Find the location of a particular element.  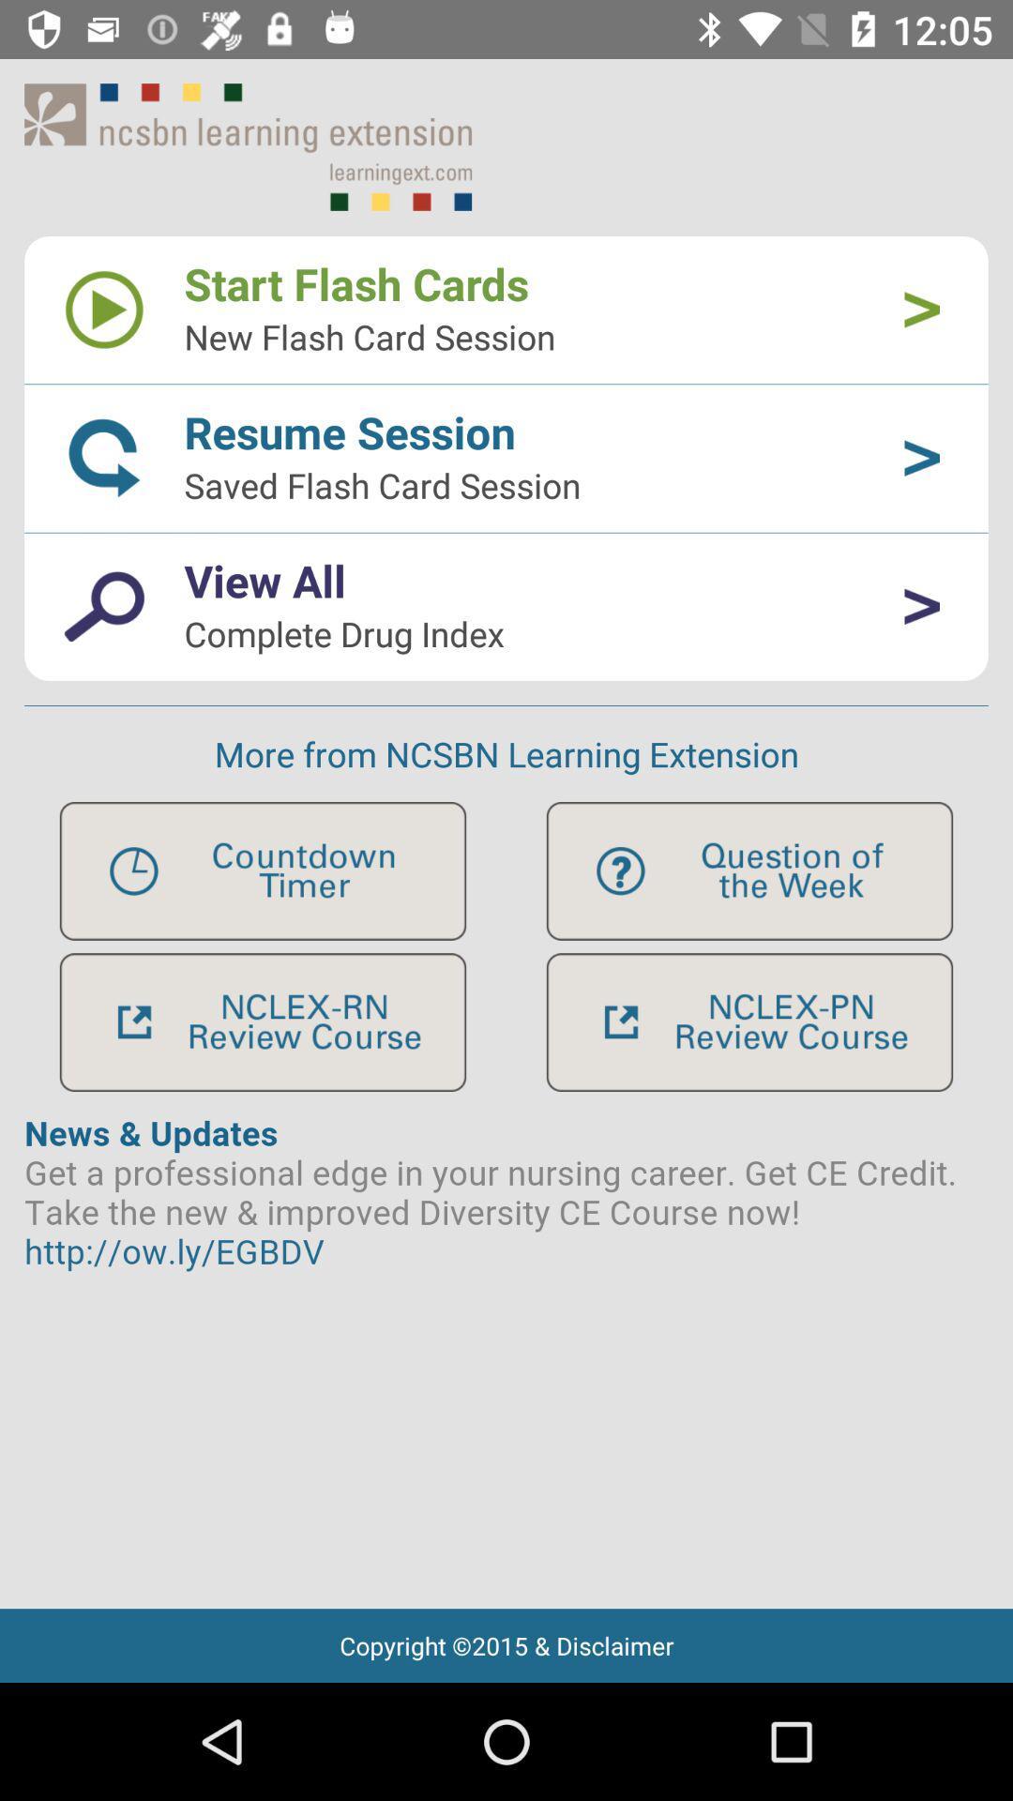

help feeback is located at coordinates (748, 870).